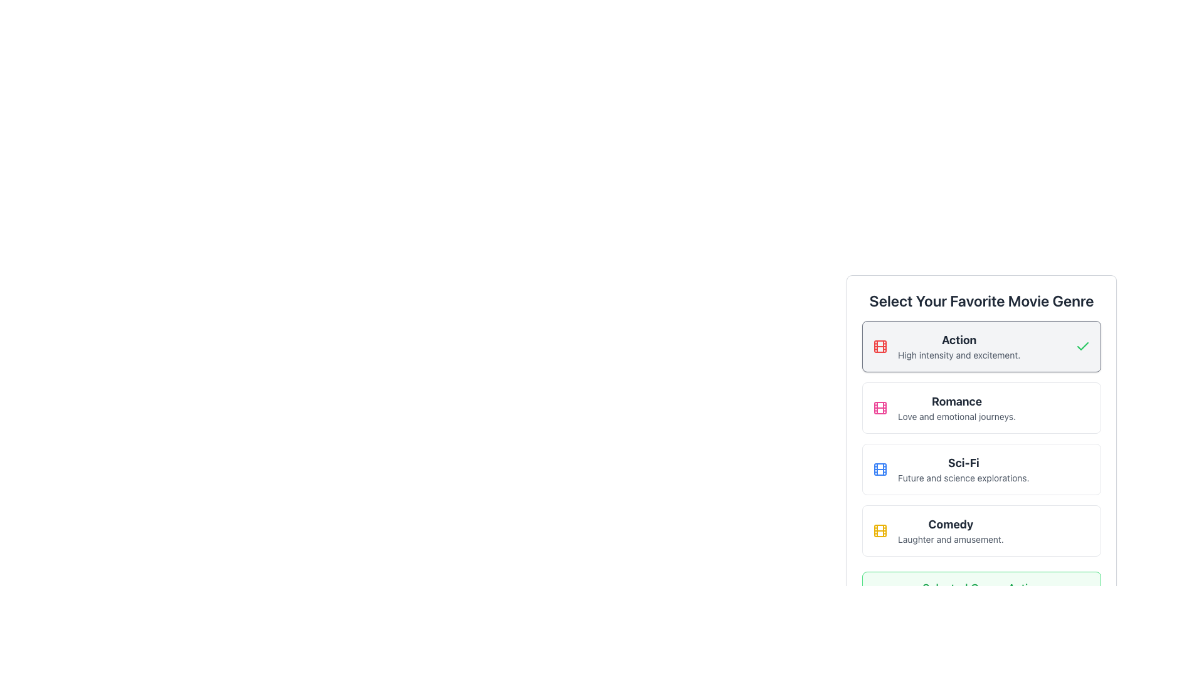 This screenshot has width=1204, height=677. Describe the element at coordinates (879, 531) in the screenshot. I see `the 'Comedy' genre icon, which is located to the left of the text 'Comedy' in the bottommost option of the list labeled 'Select Your Favorite Movie Genre'` at that location.